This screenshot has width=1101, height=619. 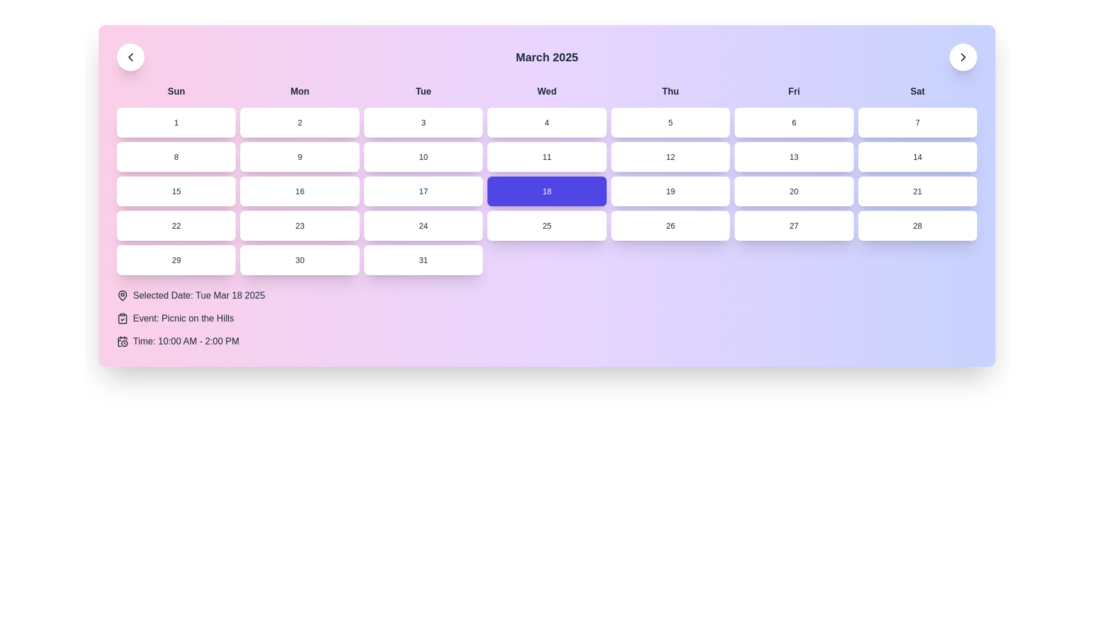 What do you see at coordinates (918, 122) in the screenshot?
I see `the interactive calendar day button representing March 7, 2025` at bounding box center [918, 122].